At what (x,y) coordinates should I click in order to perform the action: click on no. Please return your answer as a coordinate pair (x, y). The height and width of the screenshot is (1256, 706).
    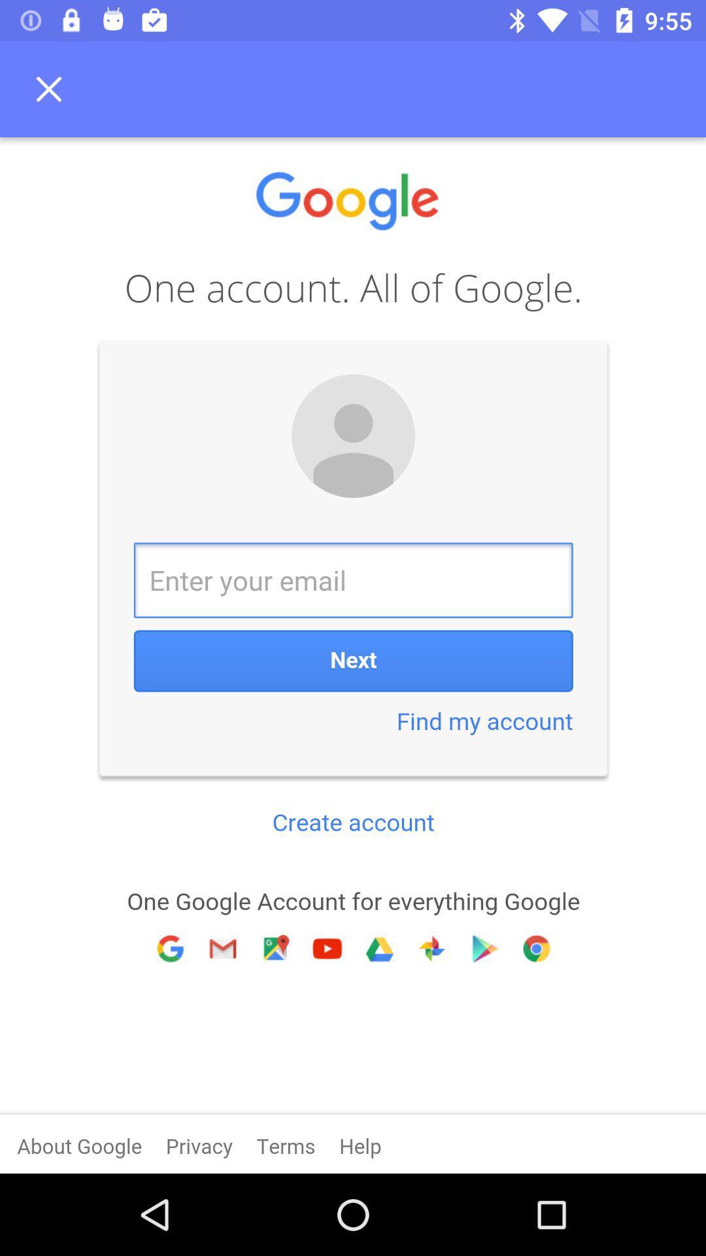
    Looking at the image, I should click on (52, 88).